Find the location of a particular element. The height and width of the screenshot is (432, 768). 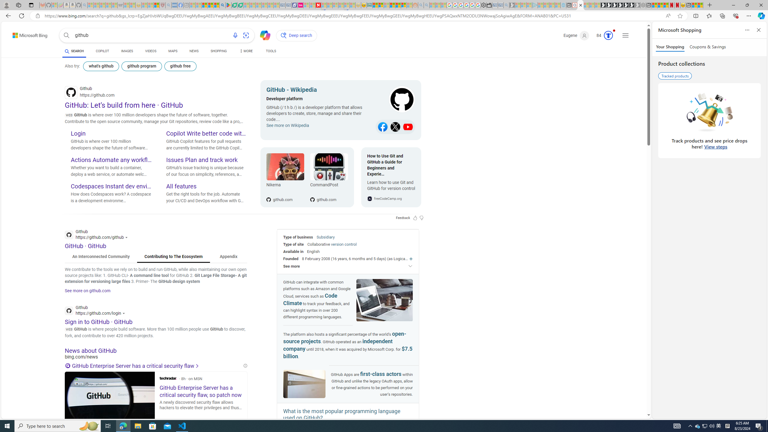

'AutomationID: serp_medal_svg' is located at coordinates (608, 35).